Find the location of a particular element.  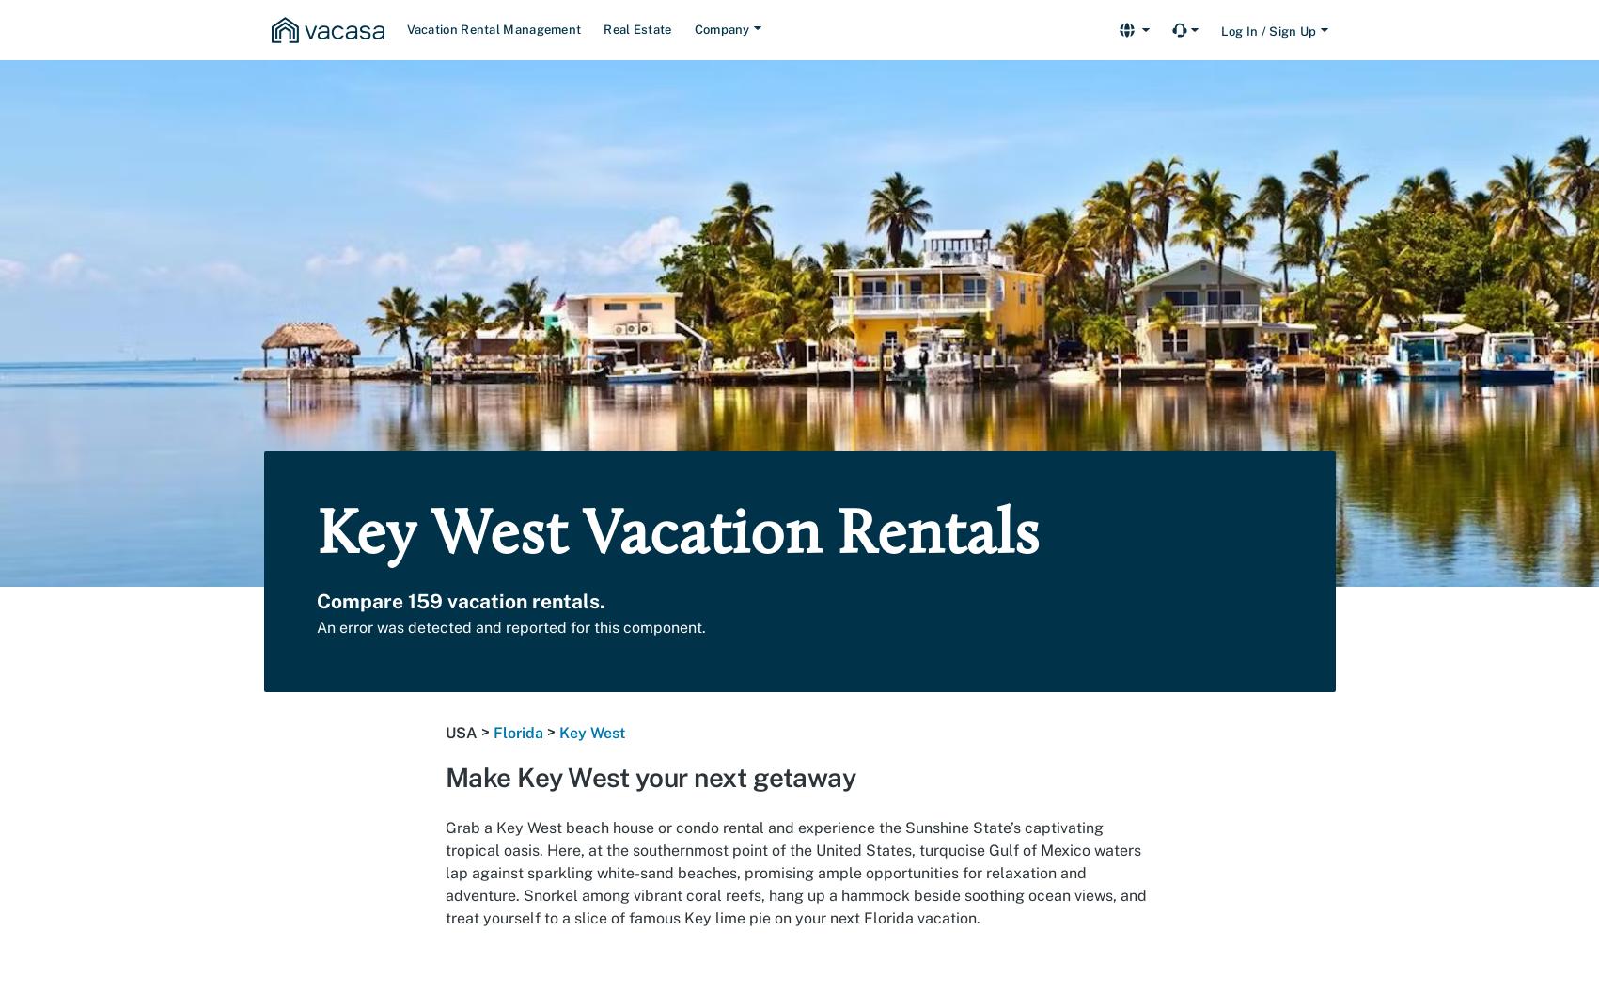

'Florida' is located at coordinates (517, 733).